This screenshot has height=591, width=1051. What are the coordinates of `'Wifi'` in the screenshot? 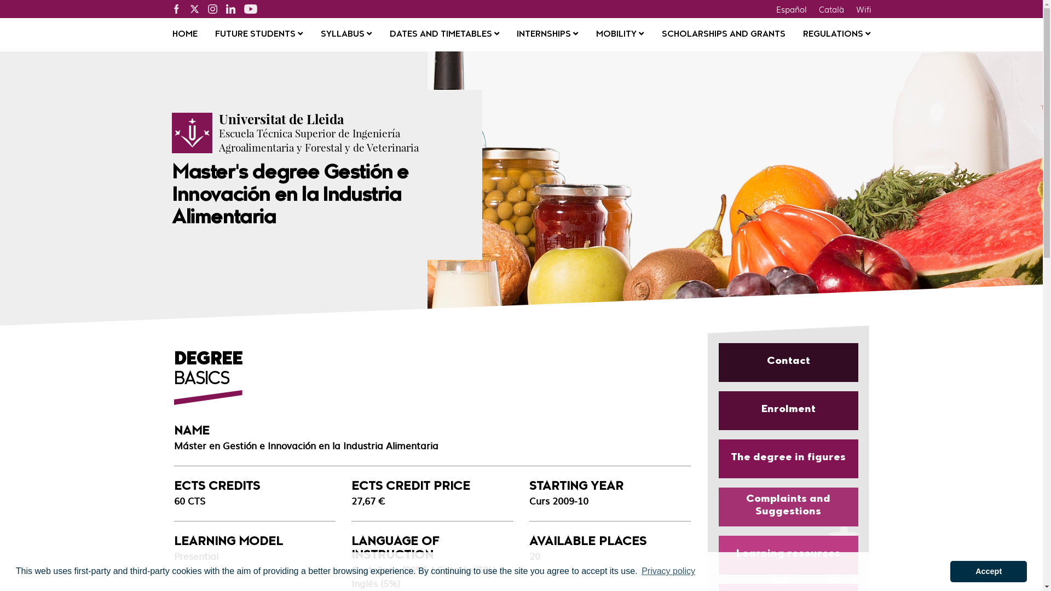 It's located at (863, 8).